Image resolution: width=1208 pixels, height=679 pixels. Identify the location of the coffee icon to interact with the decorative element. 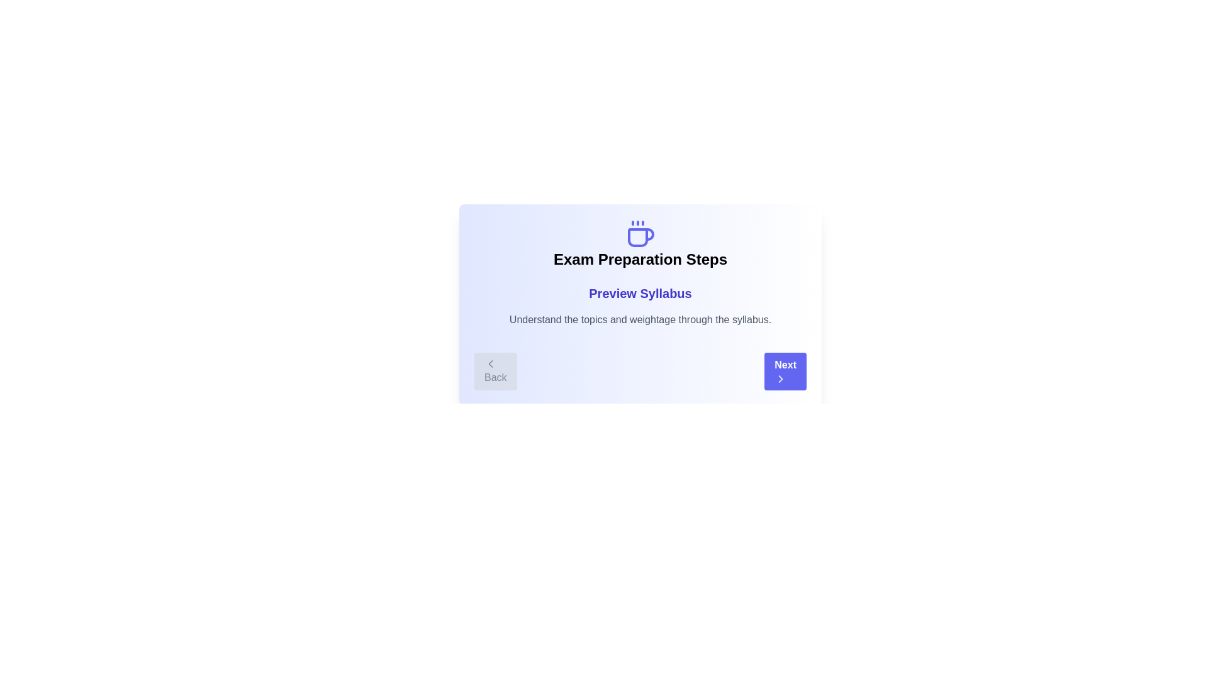
(640, 235).